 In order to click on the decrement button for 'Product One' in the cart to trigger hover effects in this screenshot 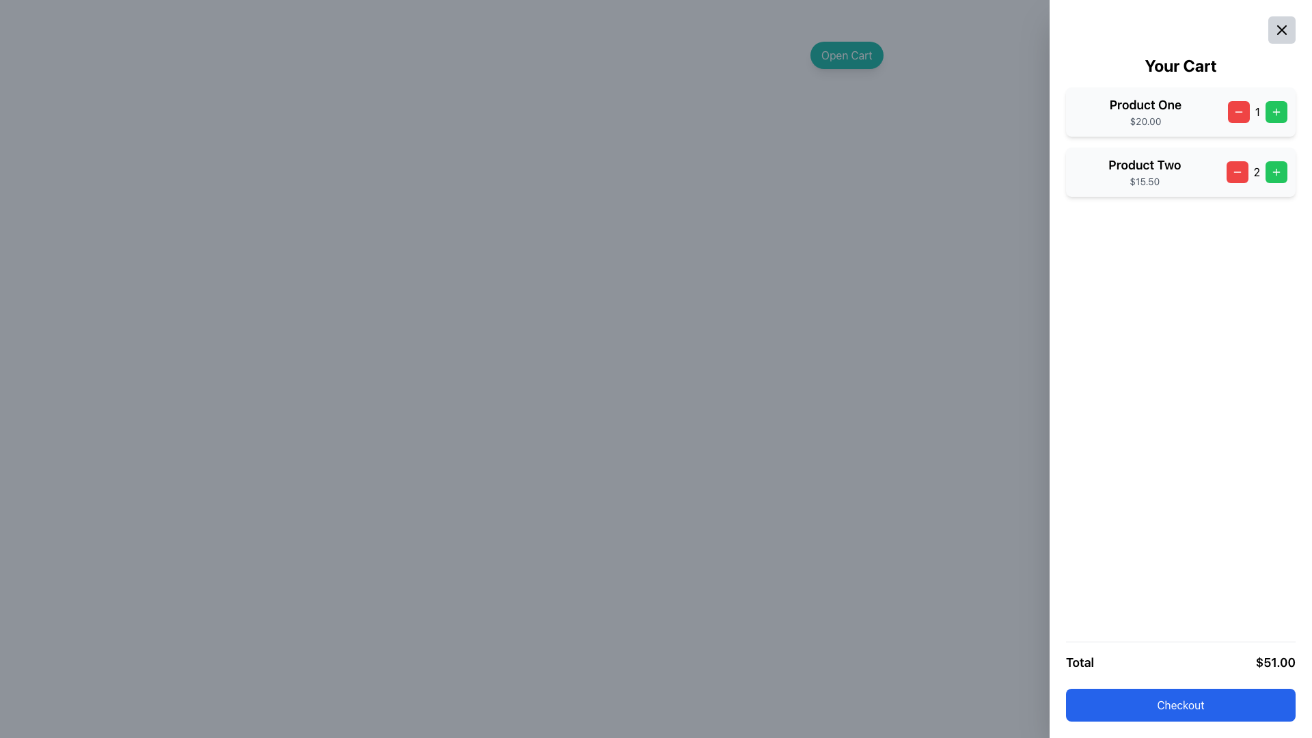, I will do `click(1238, 111)`.